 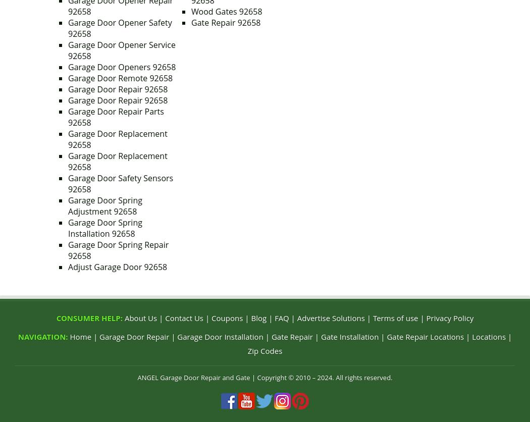 I want to click on 'Gate Repair Locations', so click(x=425, y=336).